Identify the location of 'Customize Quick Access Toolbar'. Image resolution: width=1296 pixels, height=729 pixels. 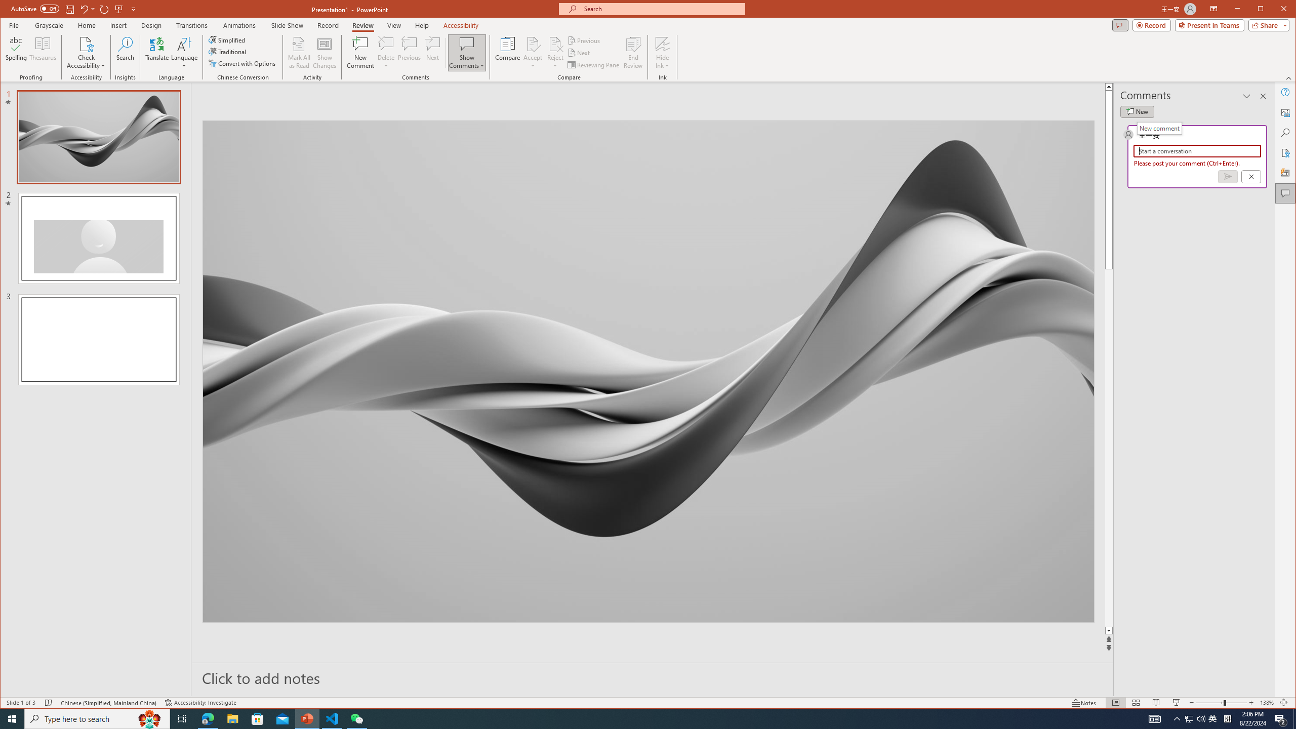
(134, 8).